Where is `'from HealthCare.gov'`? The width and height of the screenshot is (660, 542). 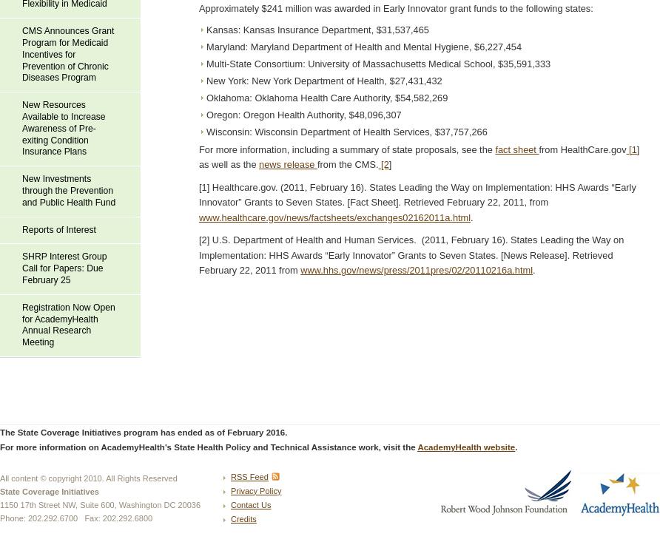 'from HealthCare.gov' is located at coordinates (582, 148).